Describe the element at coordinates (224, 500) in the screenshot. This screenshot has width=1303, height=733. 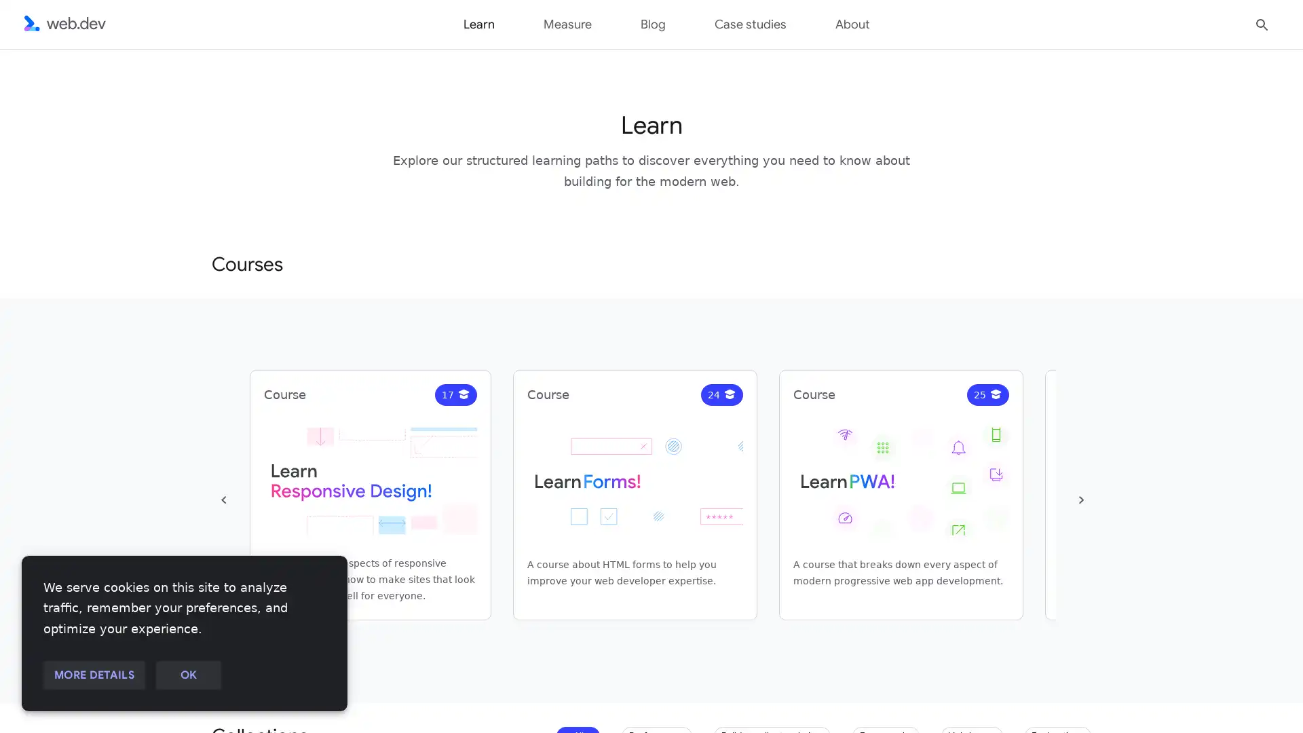
I see `back` at that location.